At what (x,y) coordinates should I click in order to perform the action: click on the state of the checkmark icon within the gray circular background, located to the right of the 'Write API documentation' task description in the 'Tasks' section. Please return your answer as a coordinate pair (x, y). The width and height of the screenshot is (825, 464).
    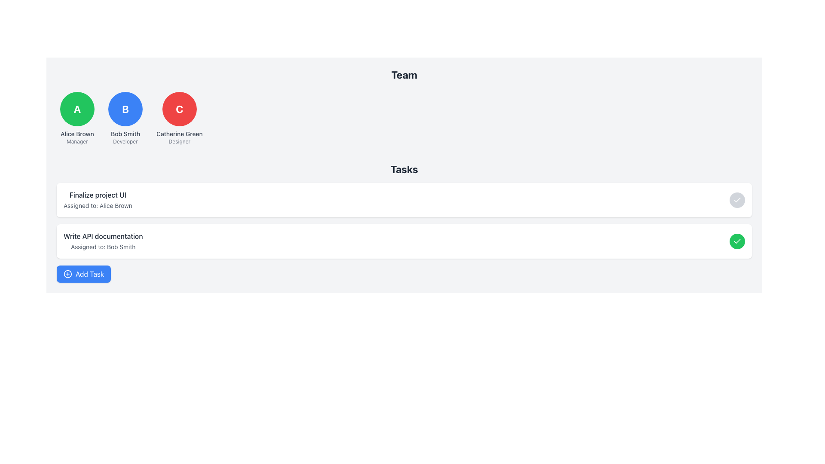
    Looking at the image, I should click on (737, 200).